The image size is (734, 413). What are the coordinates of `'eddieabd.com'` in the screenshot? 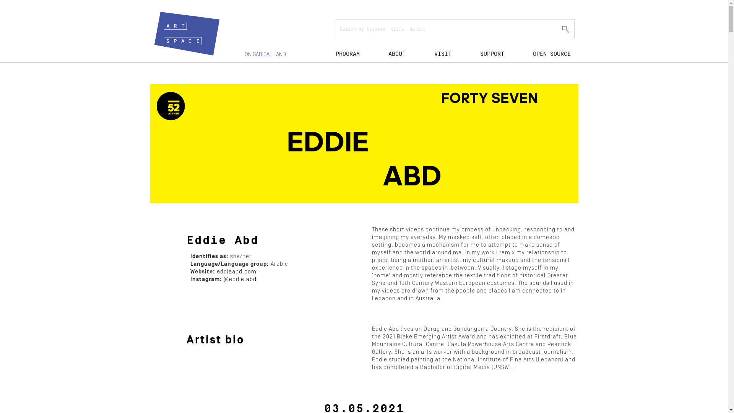 It's located at (236, 271).